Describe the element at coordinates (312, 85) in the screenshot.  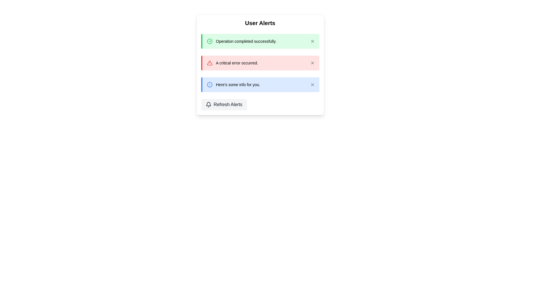
I see `the close button styled as an 'X' located in the top-right corner of the blue information alert box that contains the text 'Here's some info for you.'` at that location.